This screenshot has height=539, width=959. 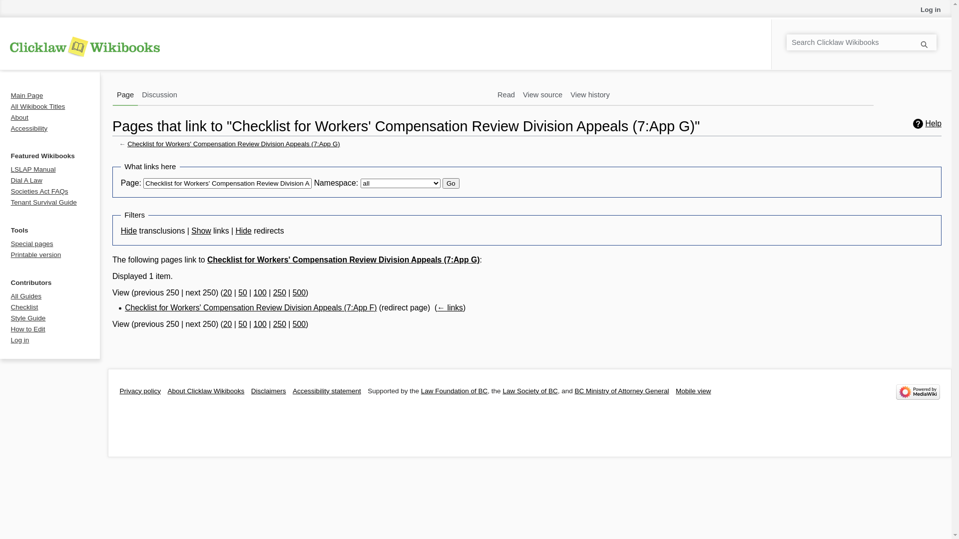 I want to click on '100', so click(x=260, y=292).